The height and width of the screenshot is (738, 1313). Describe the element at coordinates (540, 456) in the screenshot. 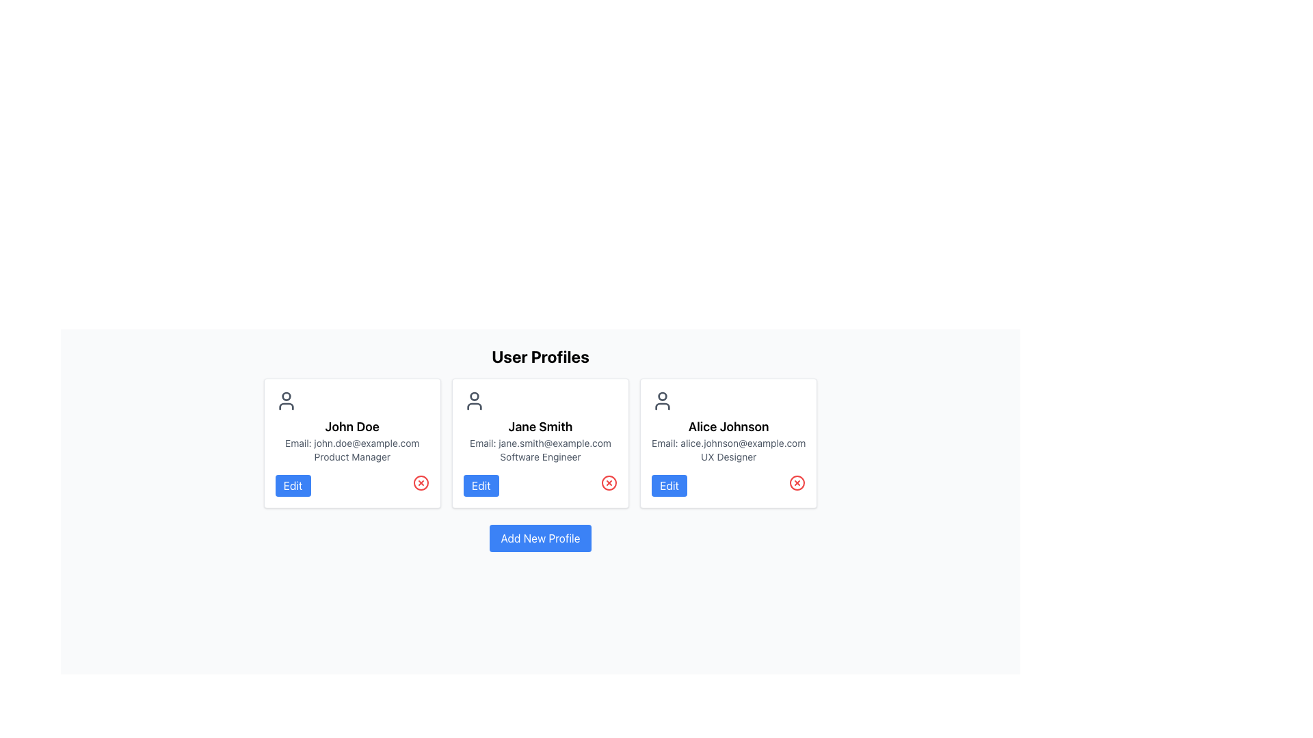

I see `the text element displaying 'Software Engineer' located in the second profile card under Jane Smith's name and email address` at that location.